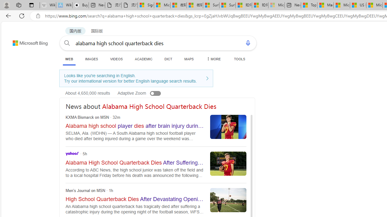 This screenshot has width=387, height=217. Describe the element at coordinates (213, 59) in the screenshot. I see `'Dropdown Menu'` at that location.